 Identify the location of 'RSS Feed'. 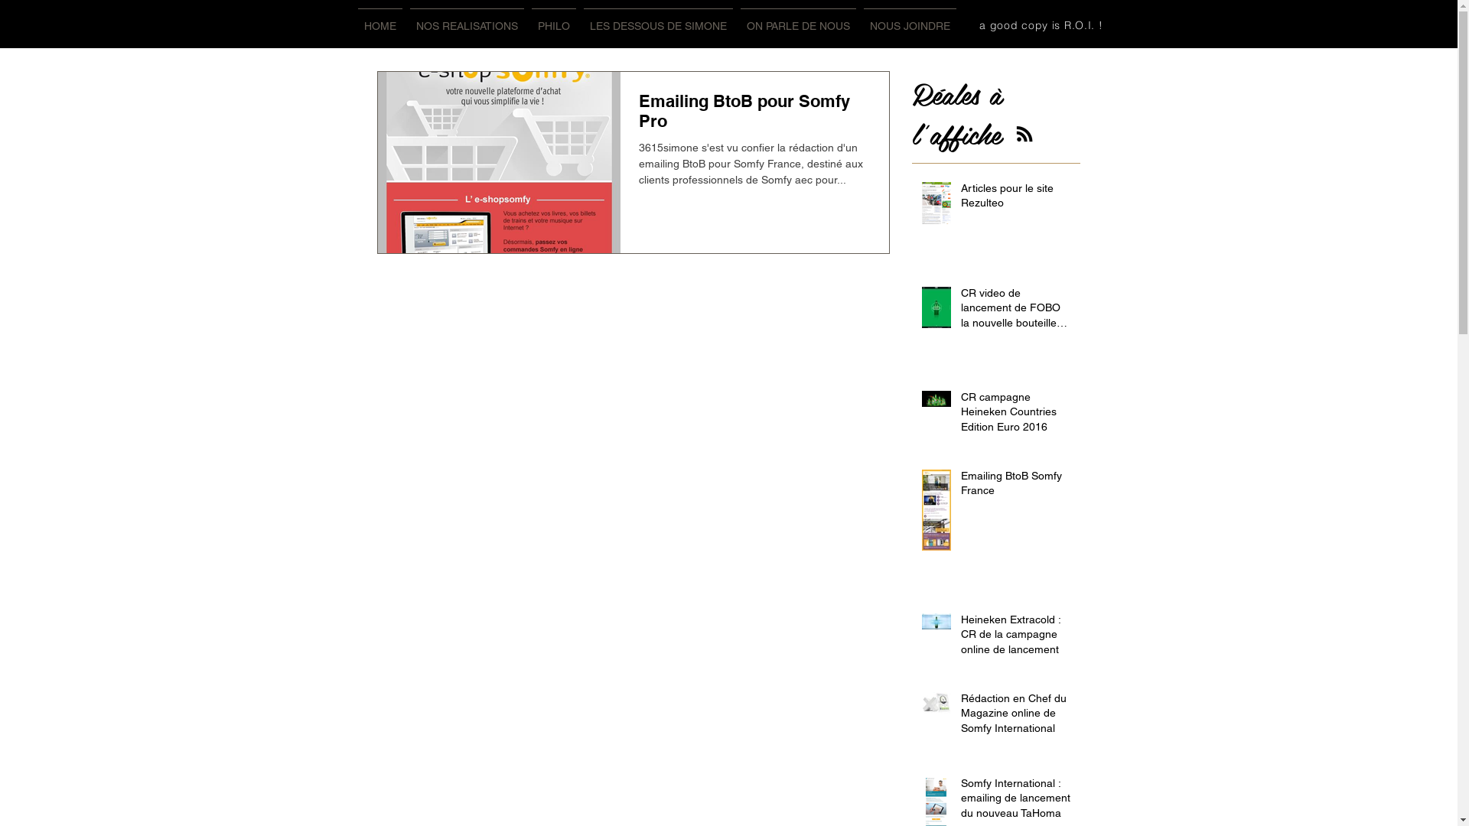
(1024, 132).